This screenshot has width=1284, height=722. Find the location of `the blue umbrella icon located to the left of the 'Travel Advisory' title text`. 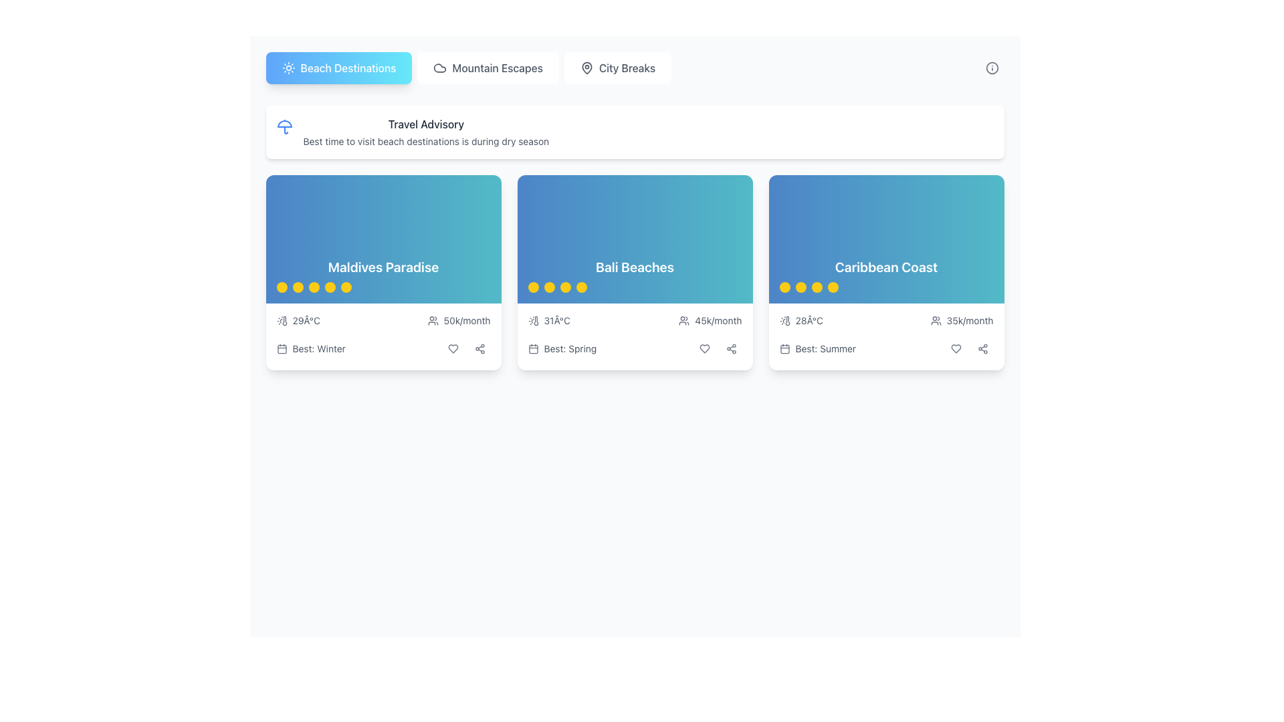

the blue umbrella icon located to the left of the 'Travel Advisory' title text is located at coordinates (284, 126).